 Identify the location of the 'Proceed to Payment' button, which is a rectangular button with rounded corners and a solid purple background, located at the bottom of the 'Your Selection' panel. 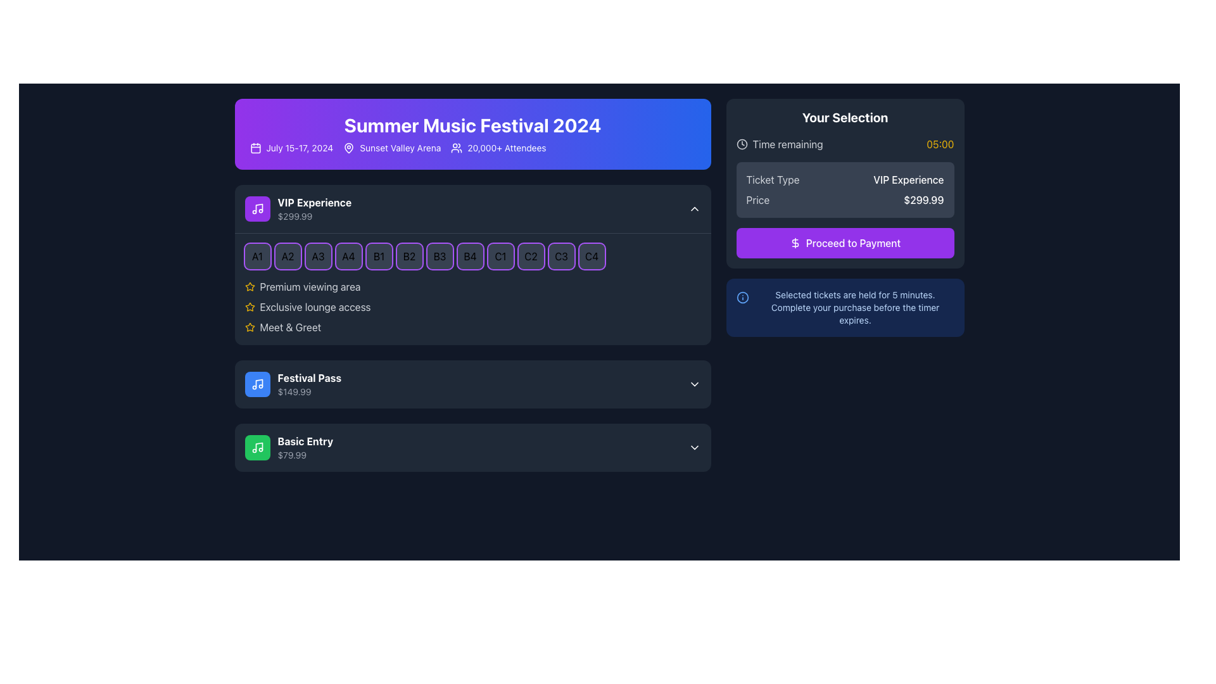
(845, 243).